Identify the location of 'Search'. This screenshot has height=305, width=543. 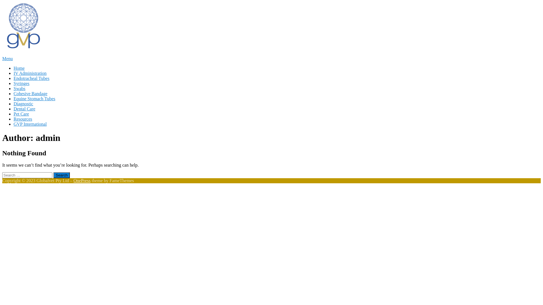
(61, 175).